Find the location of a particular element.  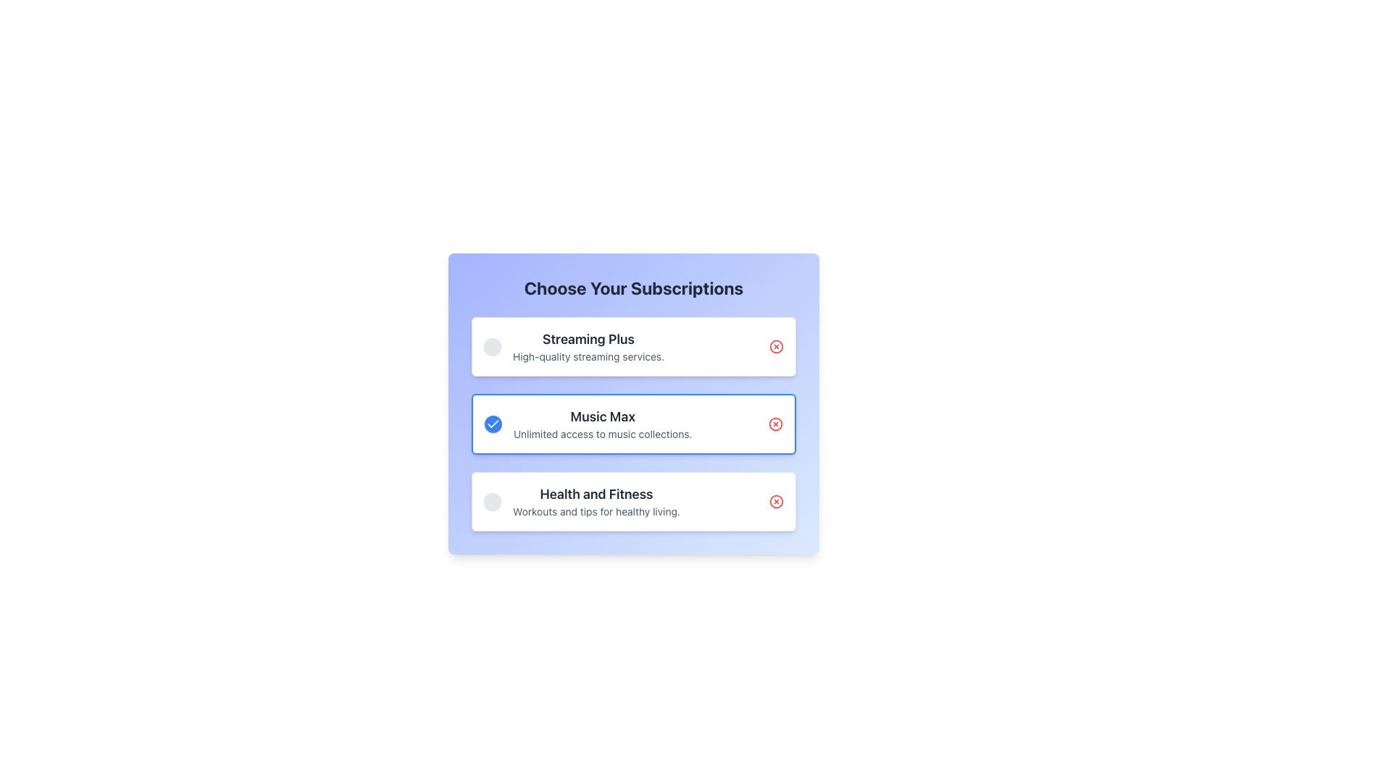

the static text block titled 'Health and Fitness' which features a prominent title and descriptive subtitle, located centrally at the bottom of the subscription plans list is located at coordinates (596, 501).